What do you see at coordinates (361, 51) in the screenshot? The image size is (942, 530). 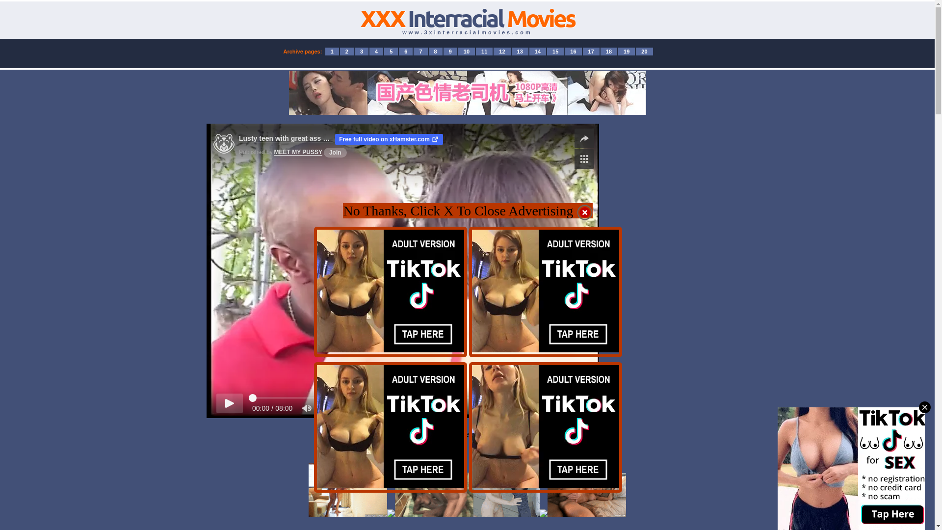 I see `'3'` at bounding box center [361, 51].